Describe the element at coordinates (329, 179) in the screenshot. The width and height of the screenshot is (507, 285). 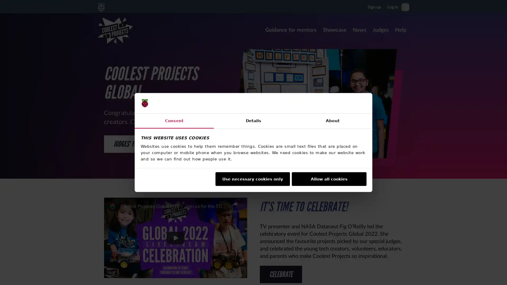
I see `Allow all cookies` at that location.